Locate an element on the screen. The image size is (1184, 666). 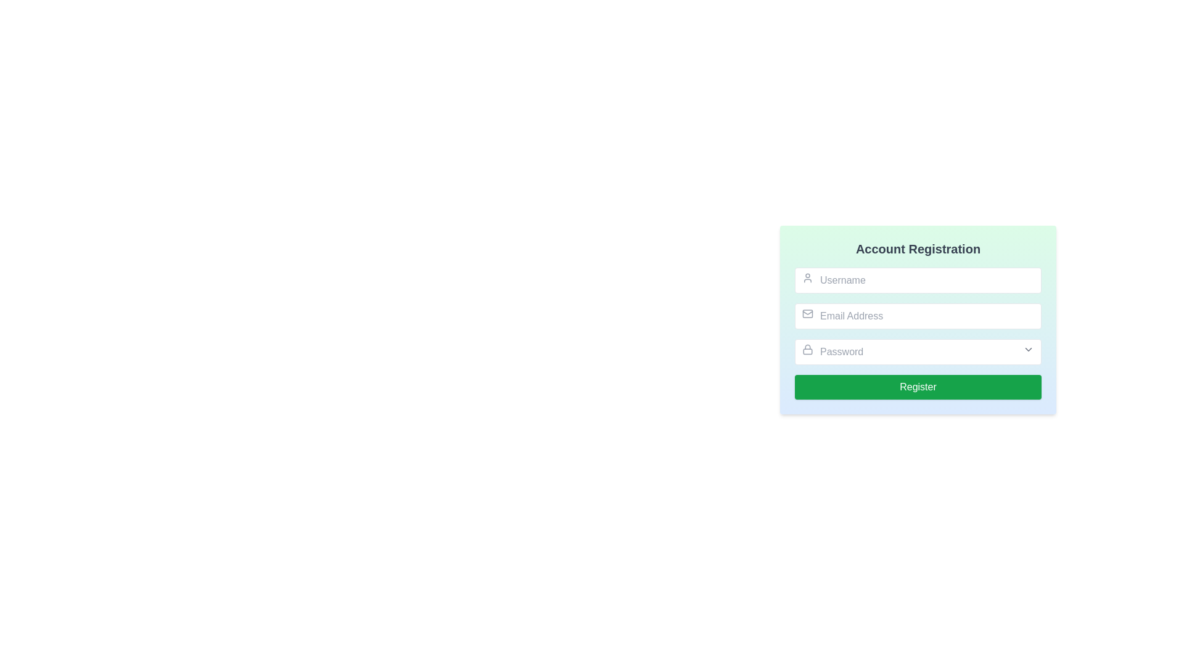
the SVG rectangle shape that symbolizes the body of the email icon, located inside the envelope icon to the left of the 'Email Address' input field is located at coordinates (808, 313).